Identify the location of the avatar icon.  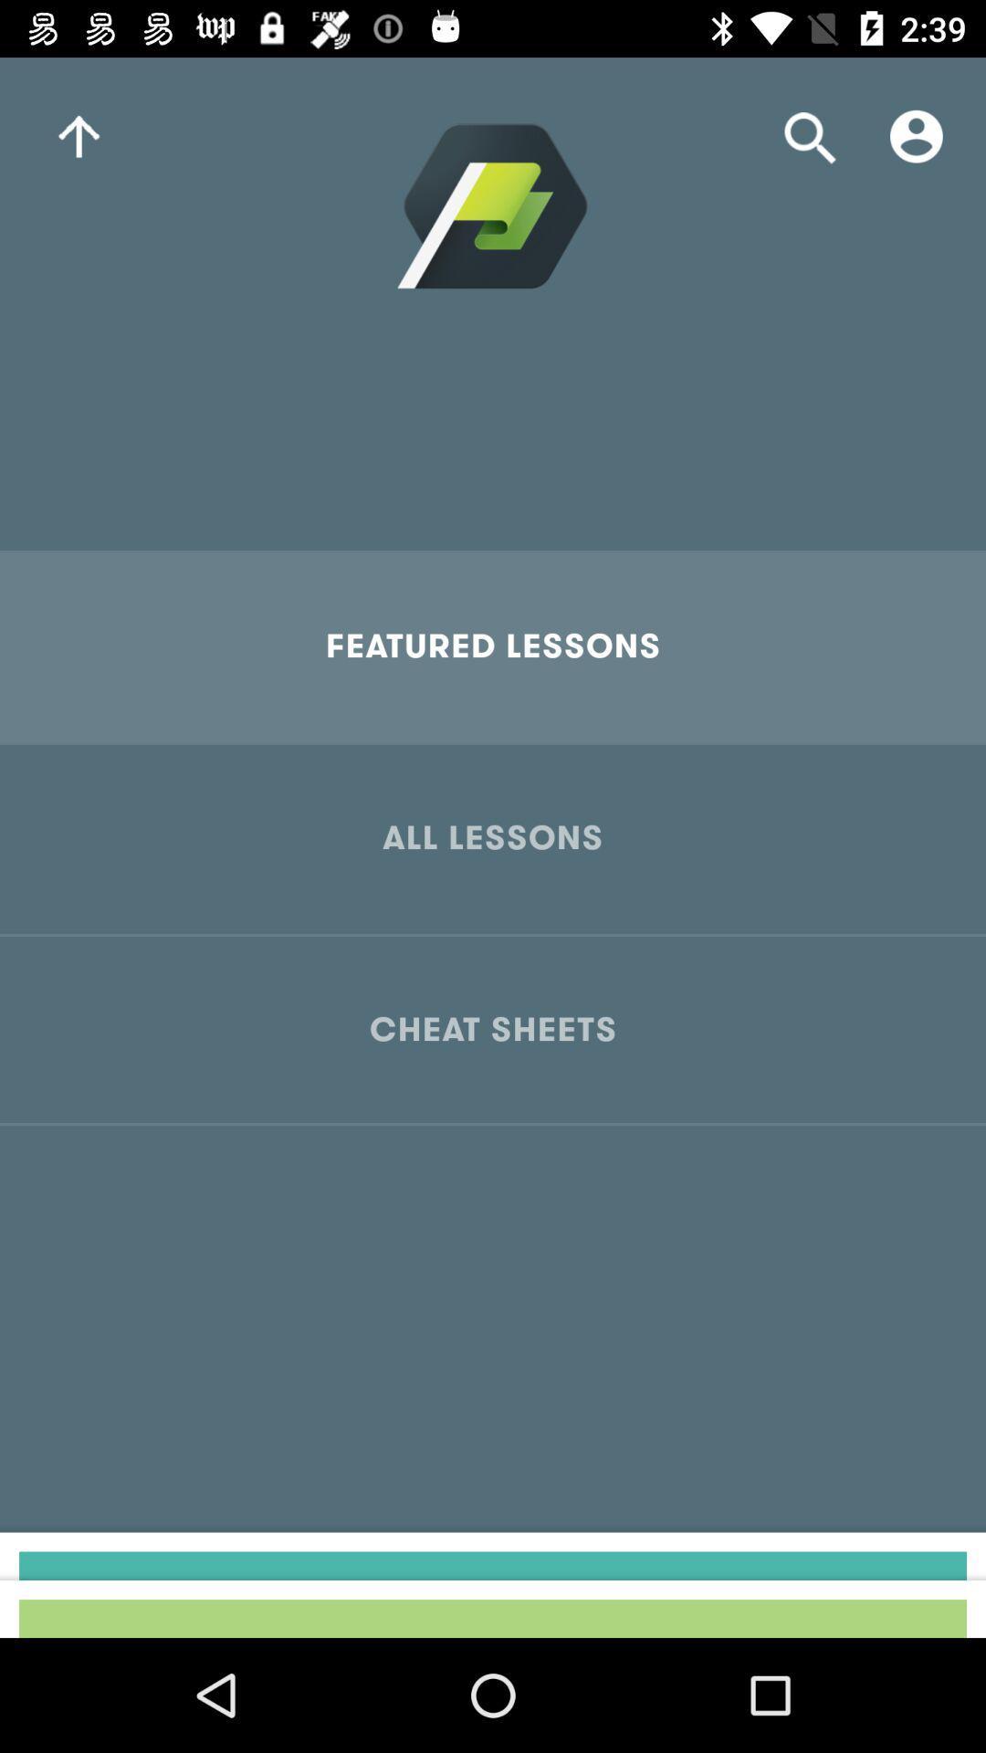
(916, 135).